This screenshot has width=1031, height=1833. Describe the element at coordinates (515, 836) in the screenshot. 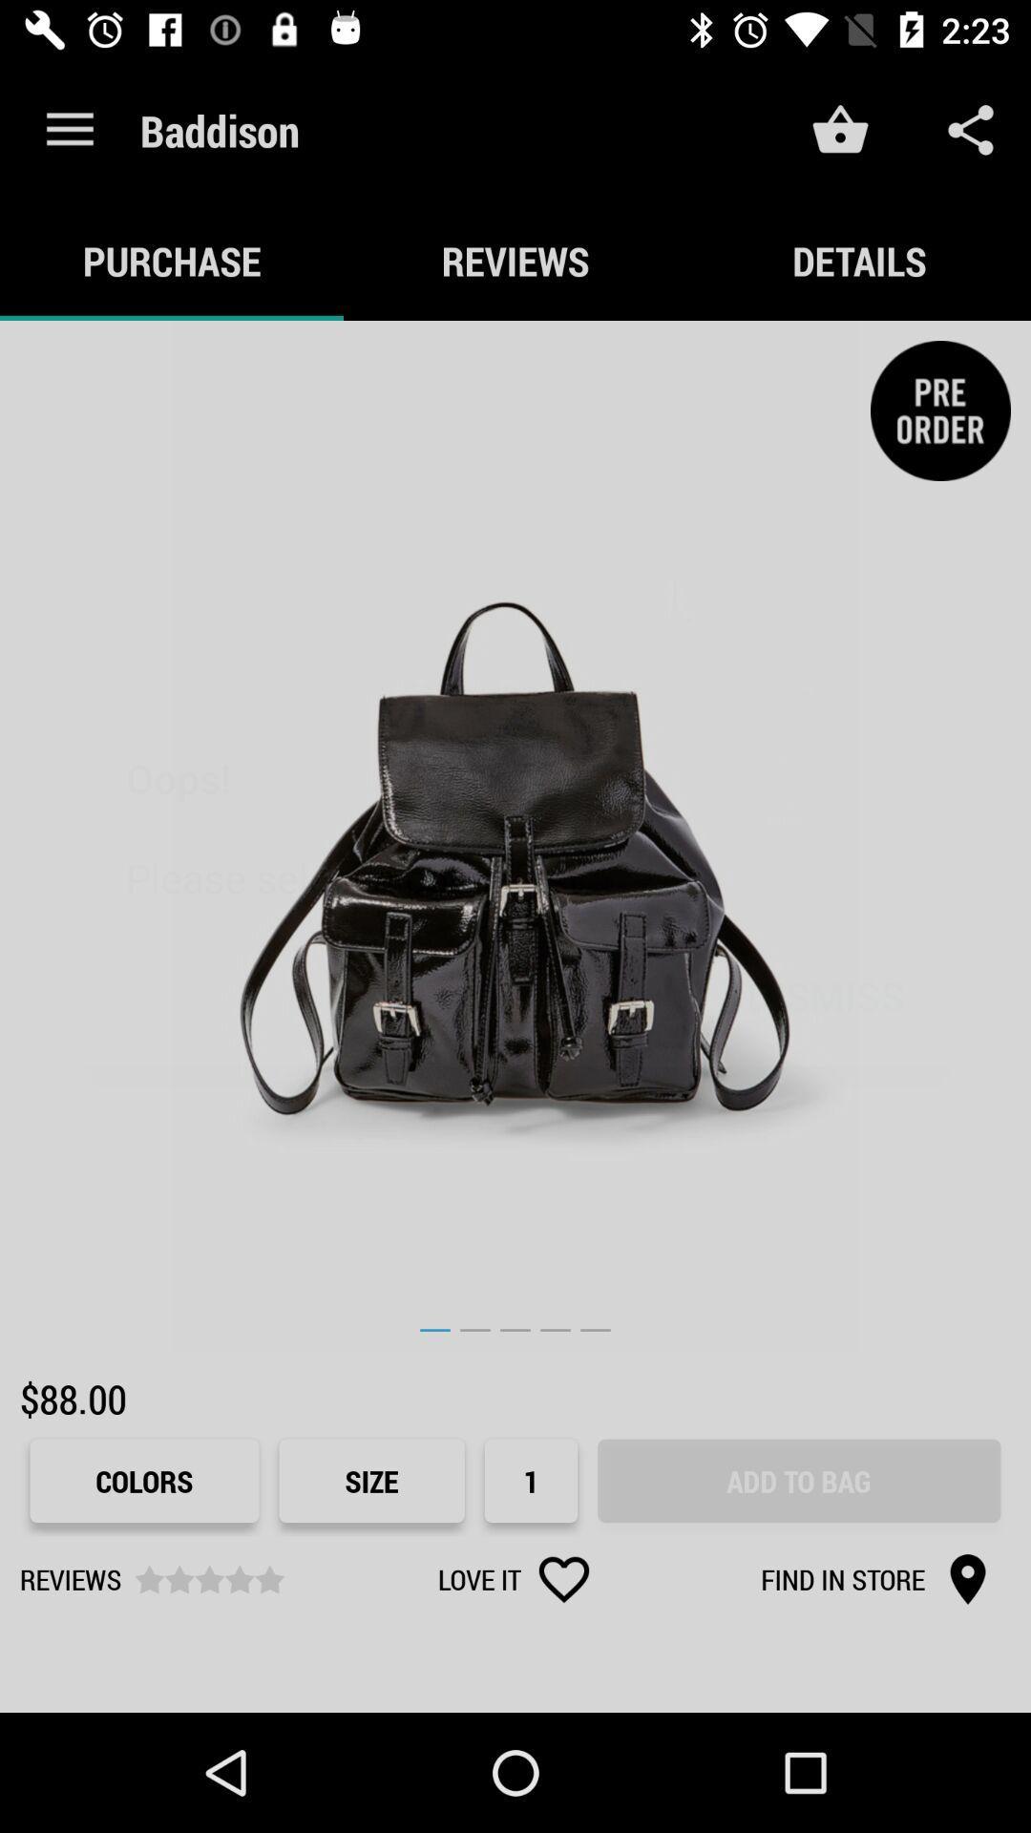

I see `see the image` at that location.